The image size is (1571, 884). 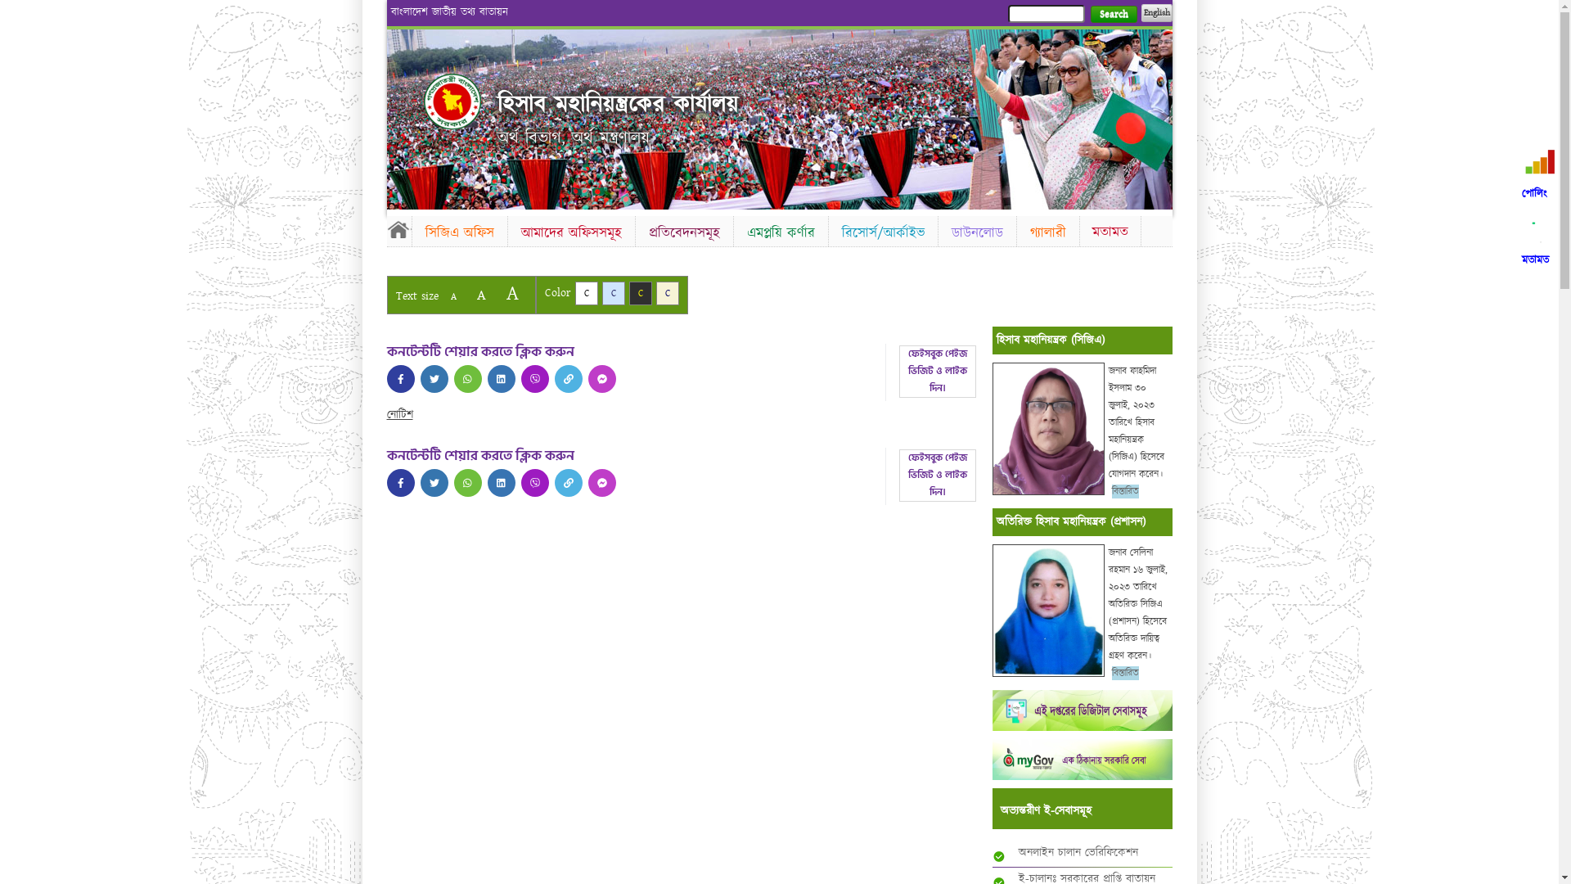 What do you see at coordinates (639, 292) in the screenshot?
I see `'C'` at bounding box center [639, 292].